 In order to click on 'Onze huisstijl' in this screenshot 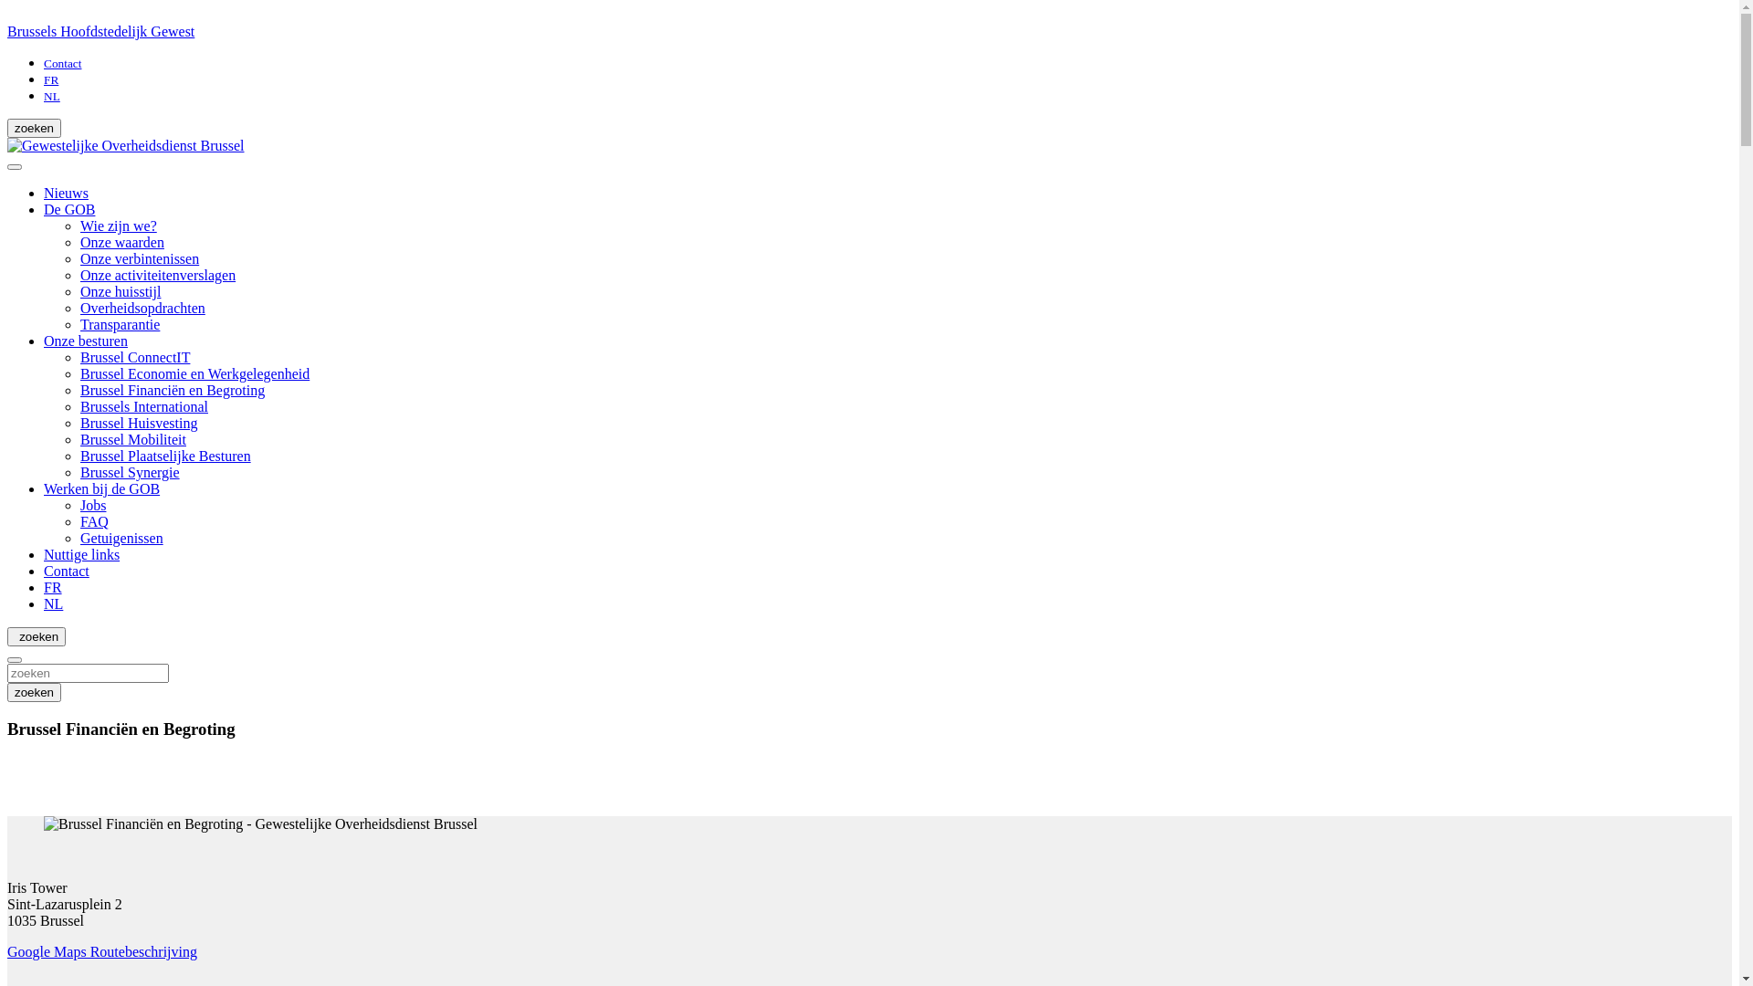, I will do `click(119, 290)`.